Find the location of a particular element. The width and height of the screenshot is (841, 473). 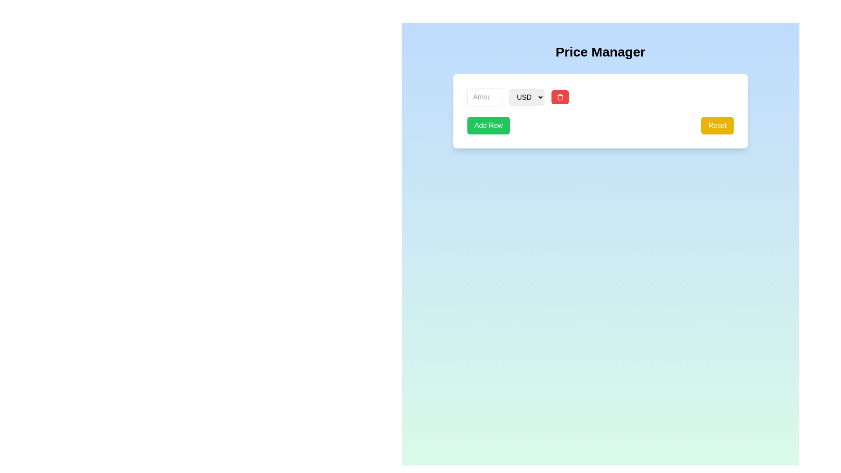

the rectangular green 'Add Row' button with white text is located at coordinates (488, 125).